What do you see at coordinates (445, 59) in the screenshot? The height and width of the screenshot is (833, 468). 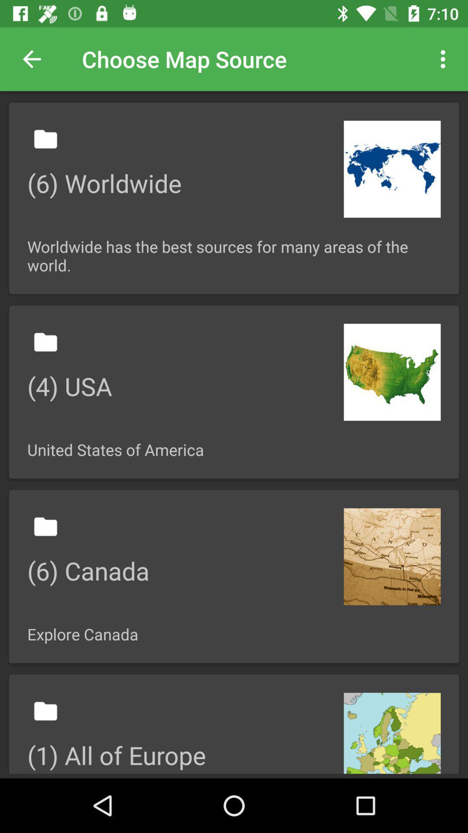 I see `icon next to choose map source` at bounding box center [445, 59].